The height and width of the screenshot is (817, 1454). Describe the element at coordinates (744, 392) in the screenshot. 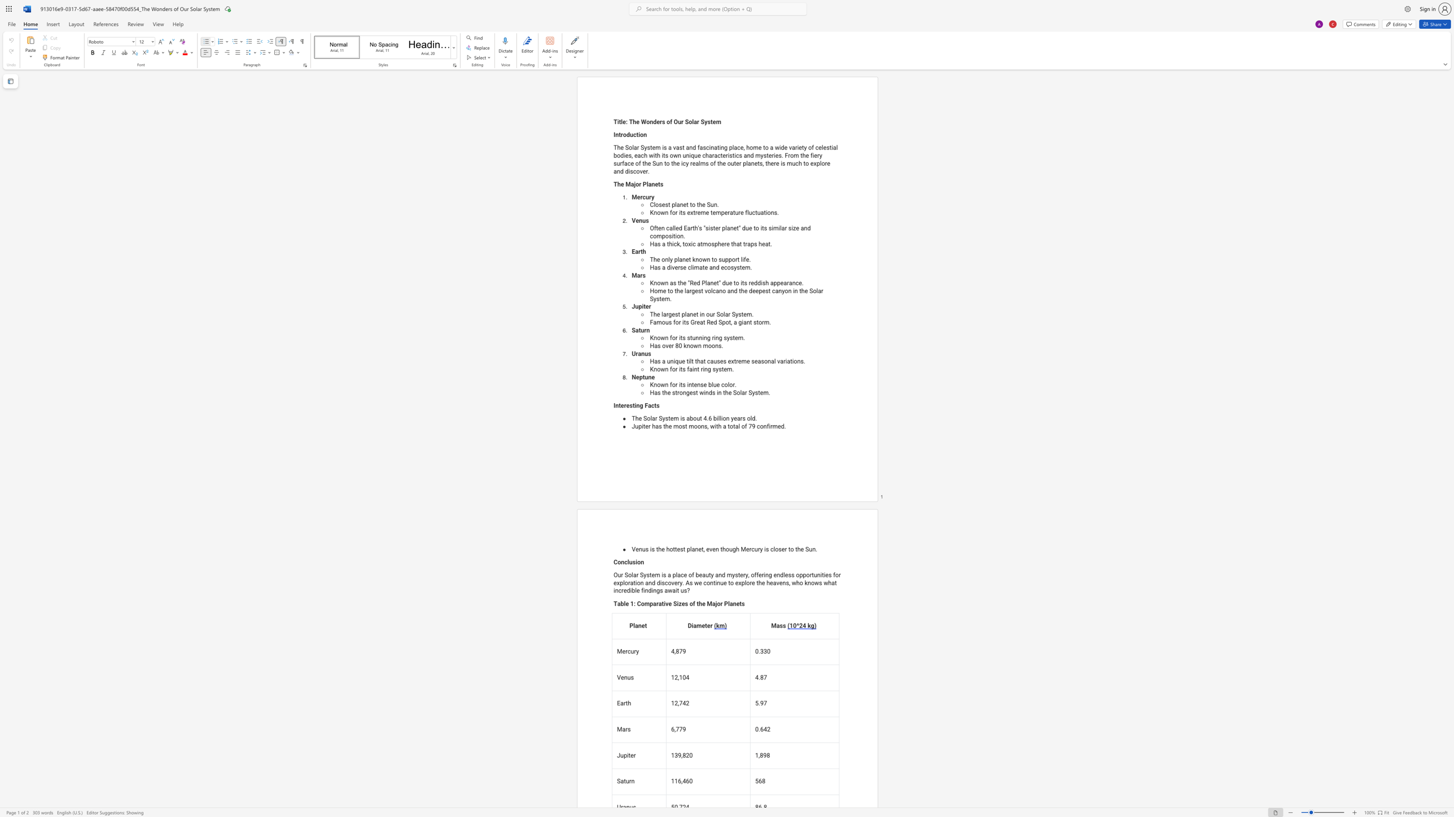

I see `the space between the continuous character "a" and "r" in the text` at that location.